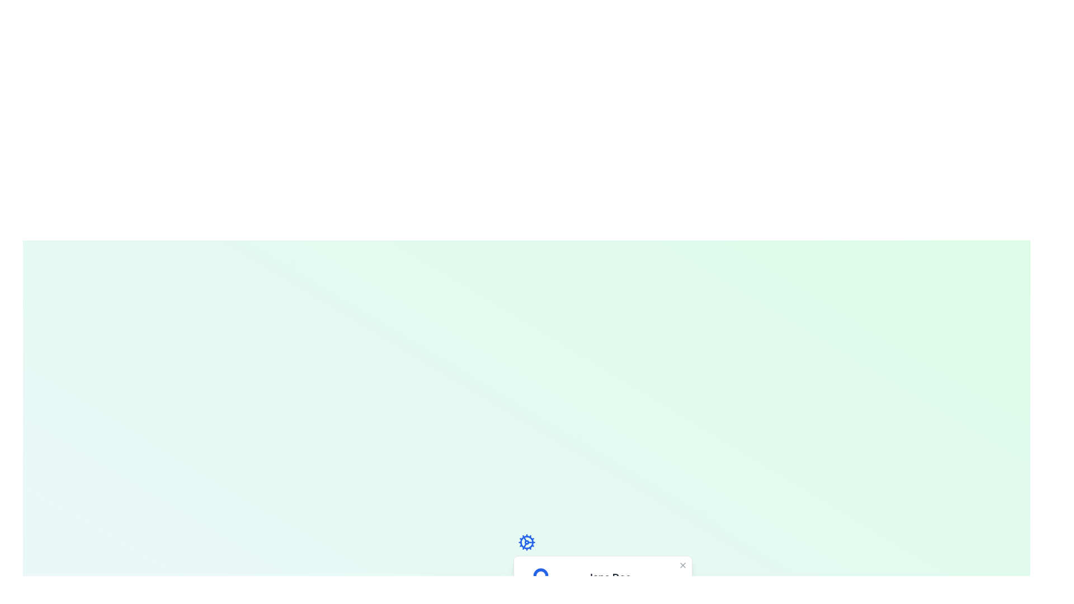  Describe the element at coordinates (526, 541) in the screenshot. I see `the blue cogwheel icon representing settings` at that location.